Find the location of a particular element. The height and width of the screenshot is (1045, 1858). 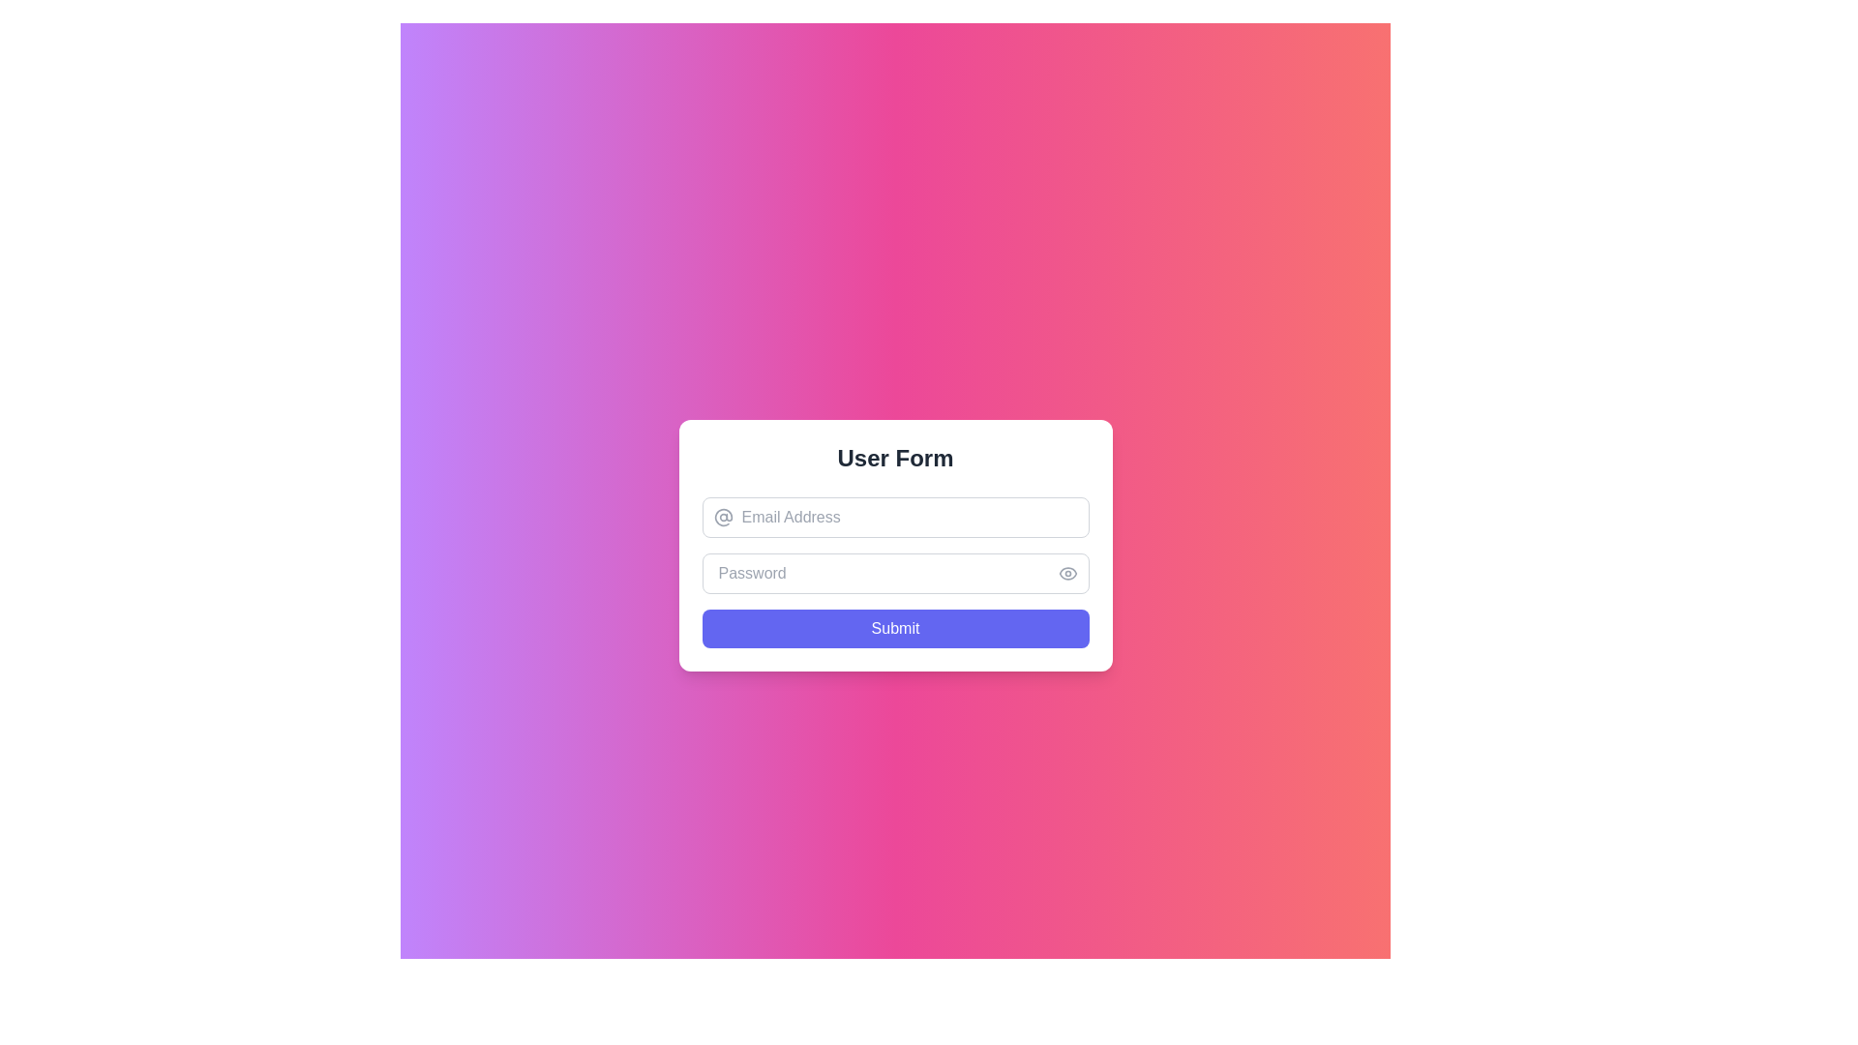

the '@' icon element that indicates the adjacent input field for entering an email address, located to the left of the email input field is located at coordinates (722, 517).